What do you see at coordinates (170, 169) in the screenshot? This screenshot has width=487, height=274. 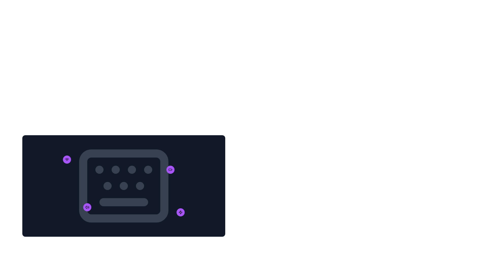 I see `the battery icon located within the circular button at the bottom-right of the interface` at bounding box center [170, 169].